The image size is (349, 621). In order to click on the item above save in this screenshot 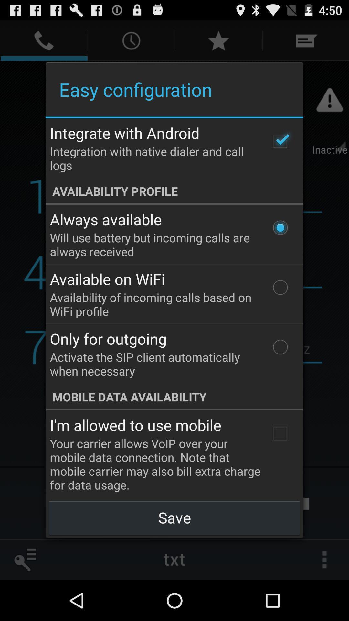, I will do `click(280, 433)`.